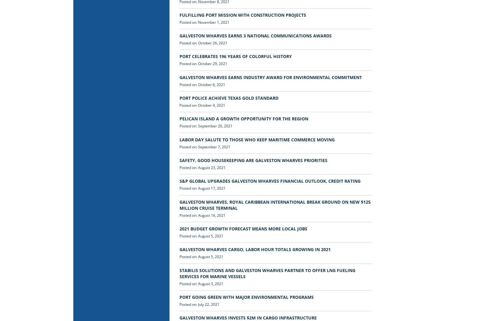 The image size is (503, 321). I want to click on 'Posted on: October 29, 2021', so click(203, 63).